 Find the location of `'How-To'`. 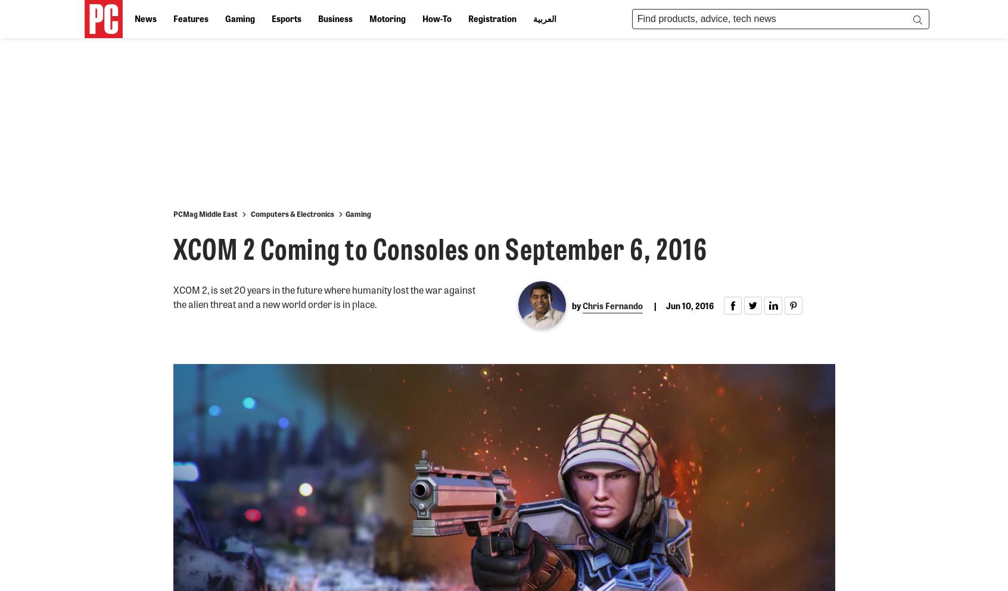

'How-To' is located at coordinates (436, 17).